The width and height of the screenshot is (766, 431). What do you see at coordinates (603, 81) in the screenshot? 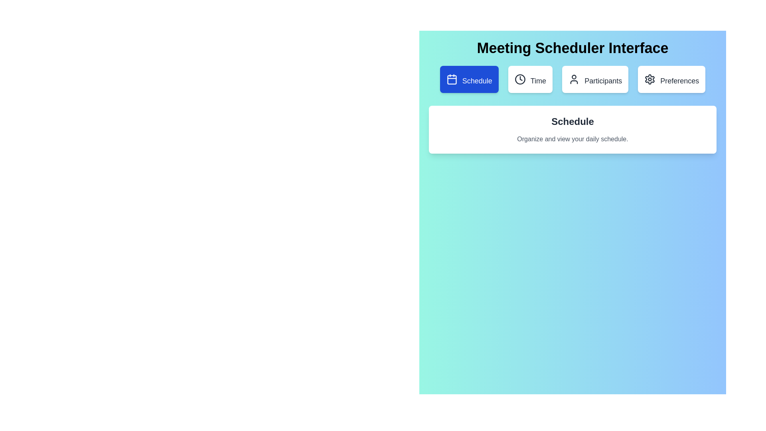
I see `the button labeled 'Participants' which contains the text 'Participants' and an icon of a user on its left` at bounding box center [603, 81].